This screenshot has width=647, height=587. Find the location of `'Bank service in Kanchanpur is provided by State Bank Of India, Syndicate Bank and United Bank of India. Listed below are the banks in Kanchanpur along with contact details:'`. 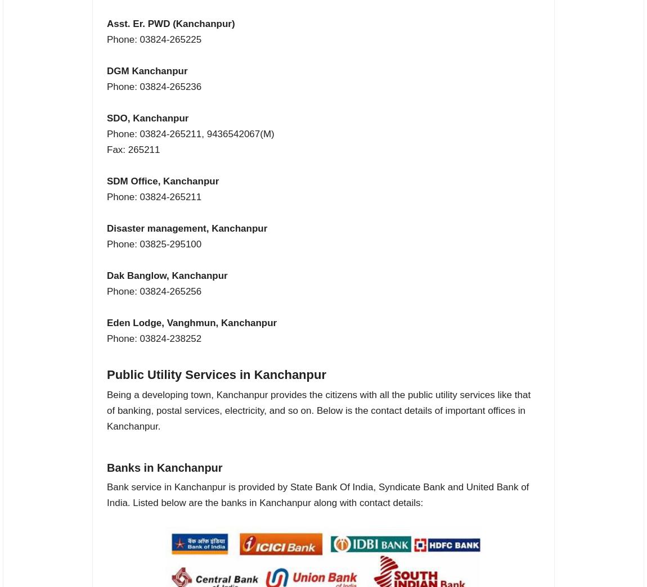

'Bank service in Kanchanpur is provided by State Bank Of India, Syndicate Bank and United Bank of India. Listed below are the banks in Kanchanpur along with contact details:' is located at coordinates (317, 495).